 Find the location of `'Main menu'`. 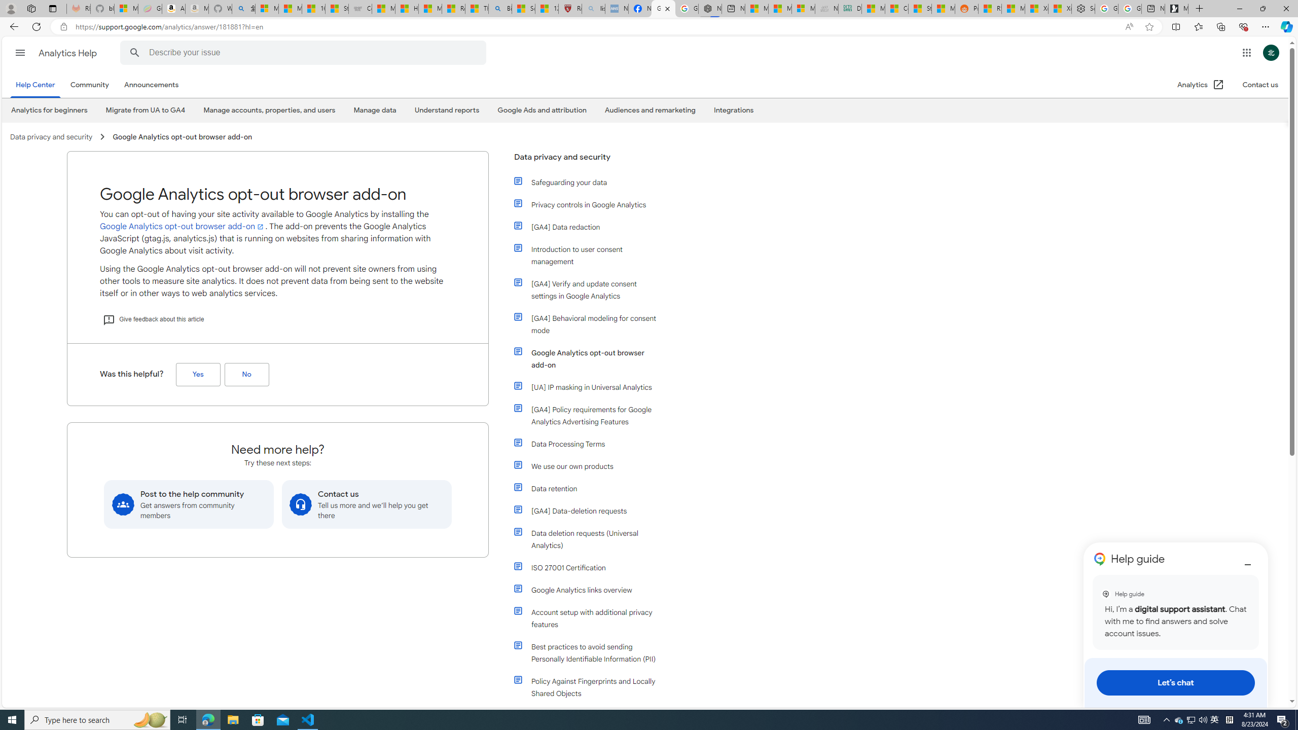

'Main menu' is located at coordinates (19, 52).